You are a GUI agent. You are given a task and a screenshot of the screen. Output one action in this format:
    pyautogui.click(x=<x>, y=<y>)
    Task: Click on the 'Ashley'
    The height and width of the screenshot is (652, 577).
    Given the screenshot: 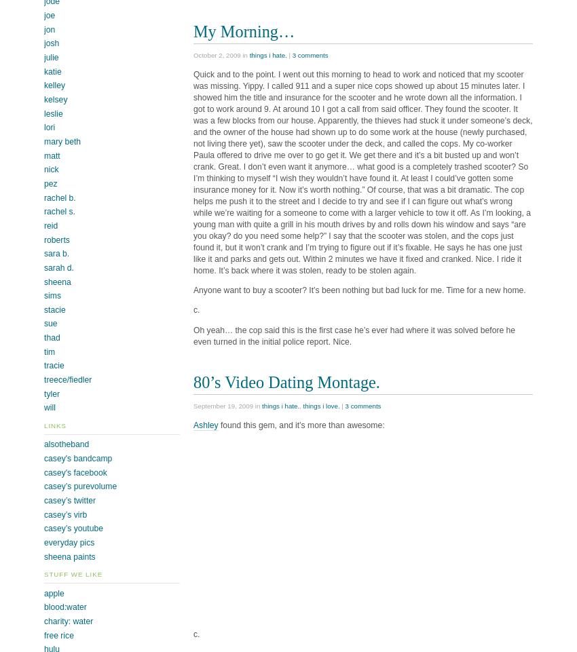 What is the action you would take?
    pyautogui.click(x=206, y=424)
    